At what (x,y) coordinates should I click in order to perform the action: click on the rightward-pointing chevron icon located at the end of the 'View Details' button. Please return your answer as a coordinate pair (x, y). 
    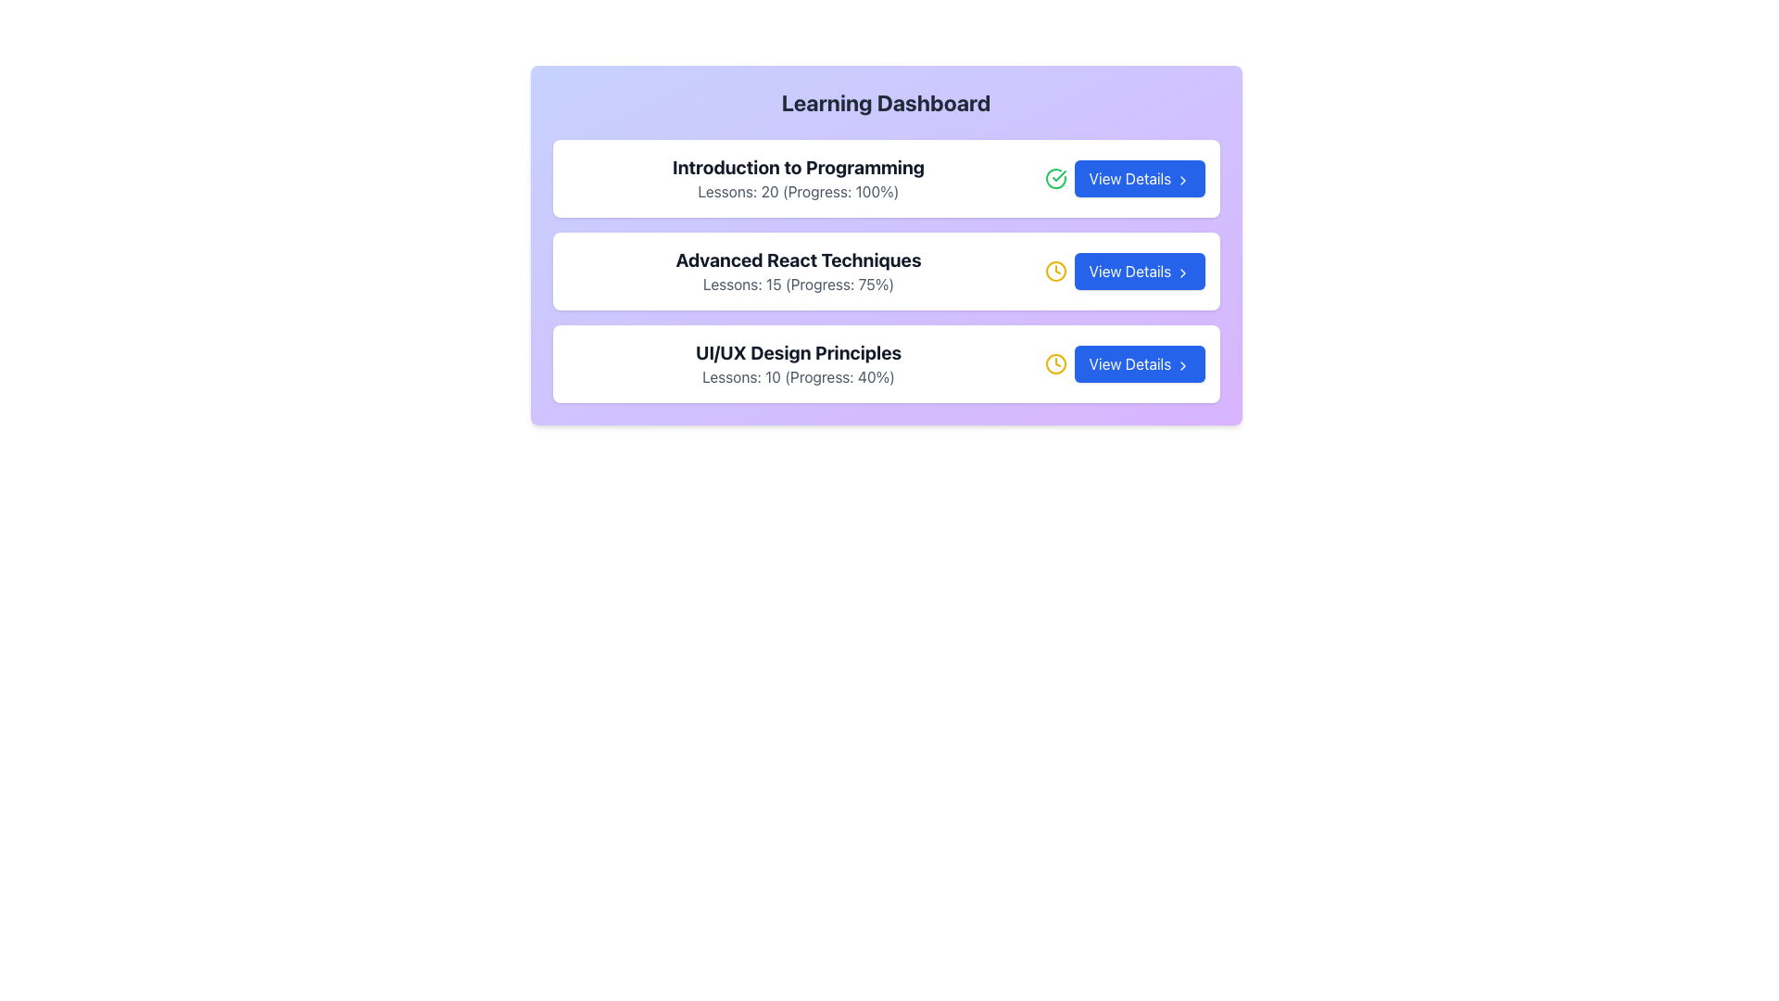
    Looking at the image, I should click on (1181, 272).